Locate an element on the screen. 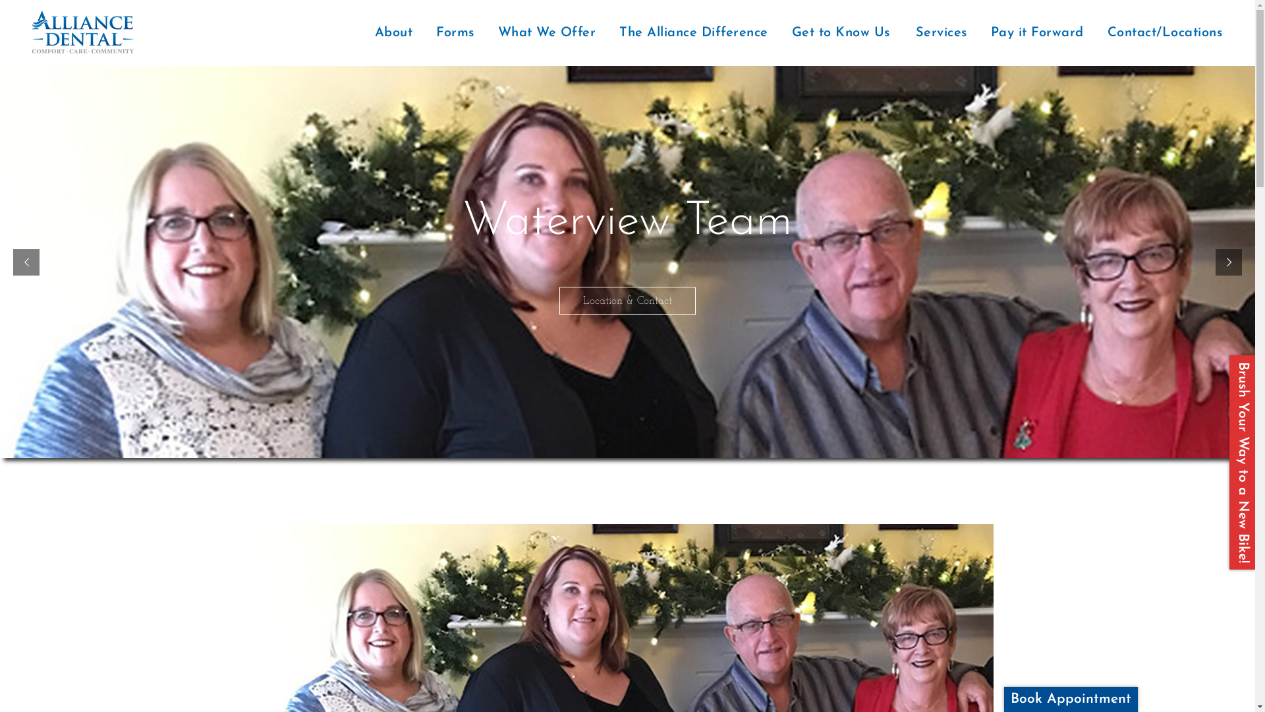 This screenshot has height=712, width=1265. 'What We Offer' is located at coordinates (546, 32).